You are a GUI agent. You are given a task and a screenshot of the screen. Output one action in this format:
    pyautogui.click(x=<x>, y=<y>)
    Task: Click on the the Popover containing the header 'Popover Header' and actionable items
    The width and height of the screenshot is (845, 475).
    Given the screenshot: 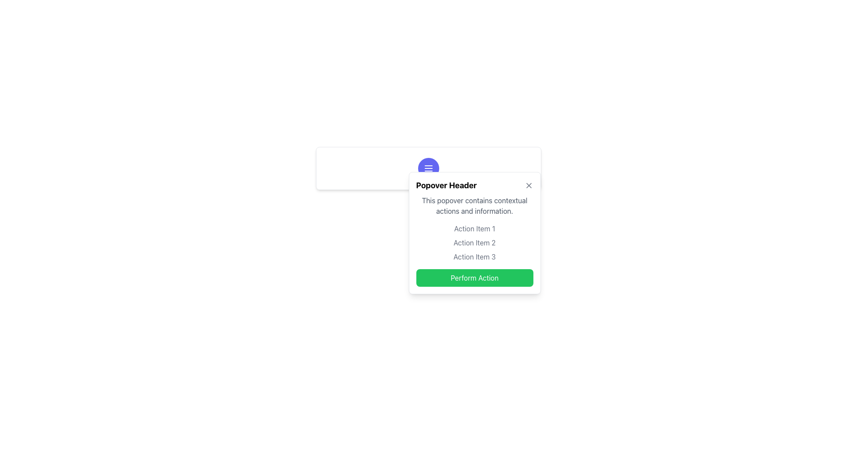 What is the action you would take?
    pyautogui.click(x=474, y=232)
    